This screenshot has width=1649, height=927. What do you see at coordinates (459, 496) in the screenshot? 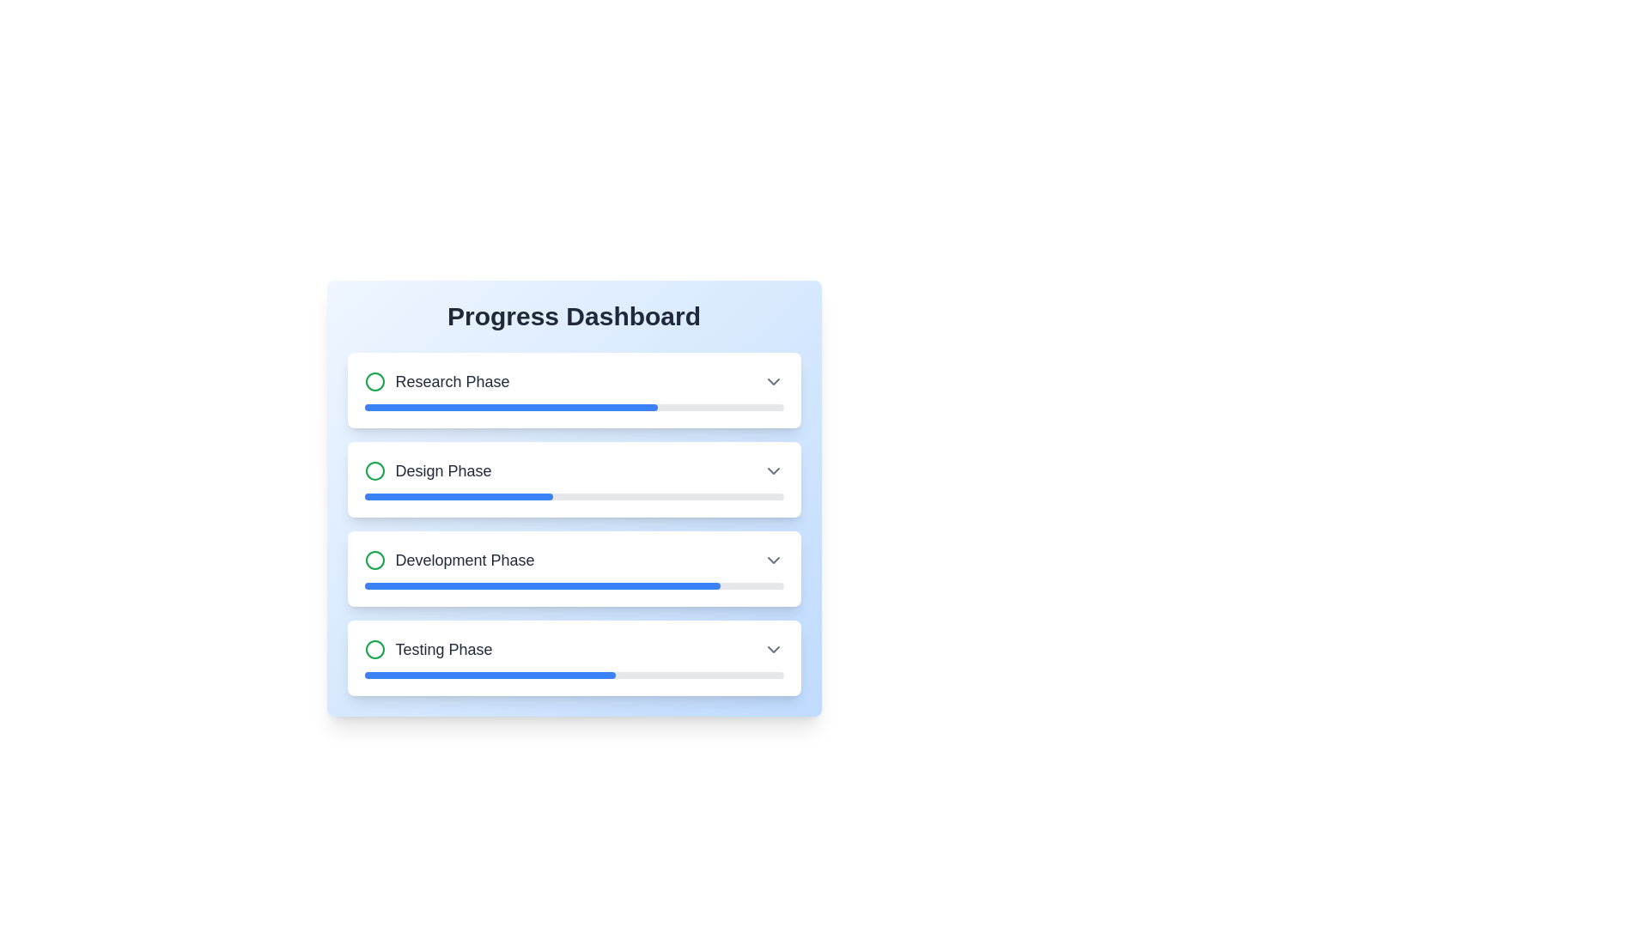
I see `the Progress Indicator located in the second progress bar labeled 'Design Phase,' which visually represents a 45% completion level` at bounding box center [459, 496].